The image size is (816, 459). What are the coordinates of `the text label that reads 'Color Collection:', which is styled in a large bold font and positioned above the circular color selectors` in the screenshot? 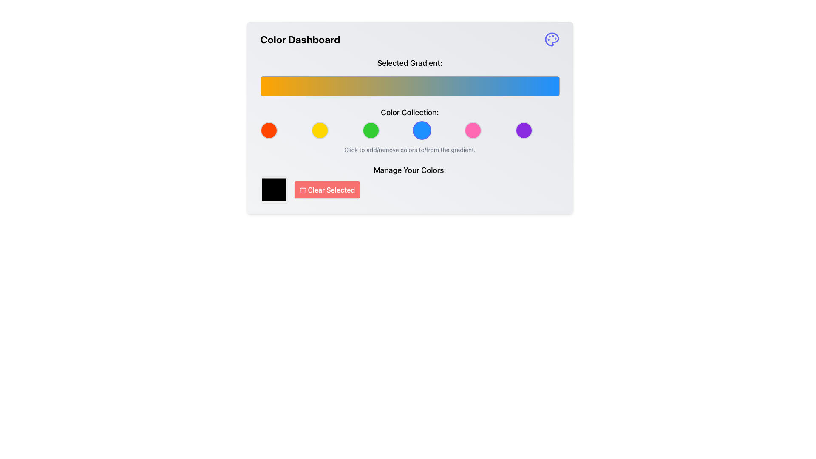 It's located at (410, 112).